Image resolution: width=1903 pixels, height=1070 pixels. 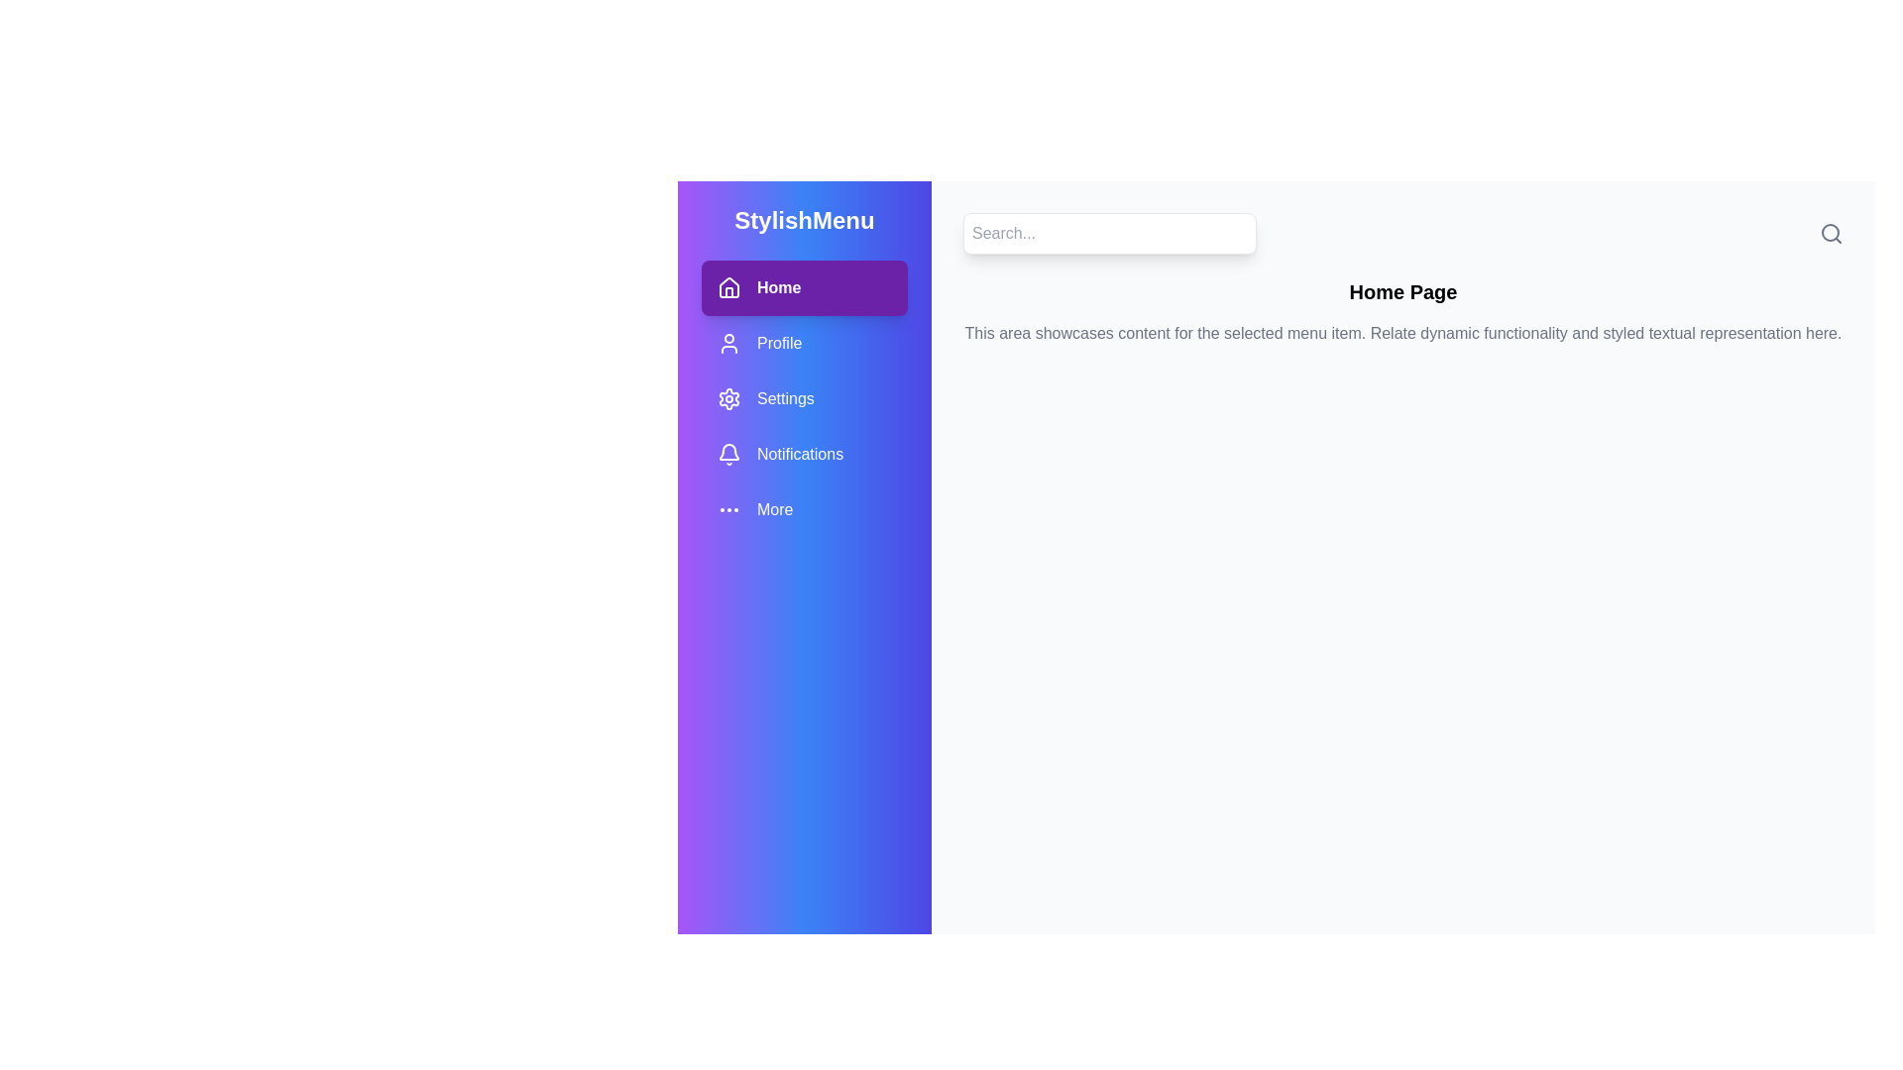 What do you see at coordinates (804, 398) in the screenshot?
I see `the menu item Settings to navigate to the corresponding page` at bounding box center [804, 398].